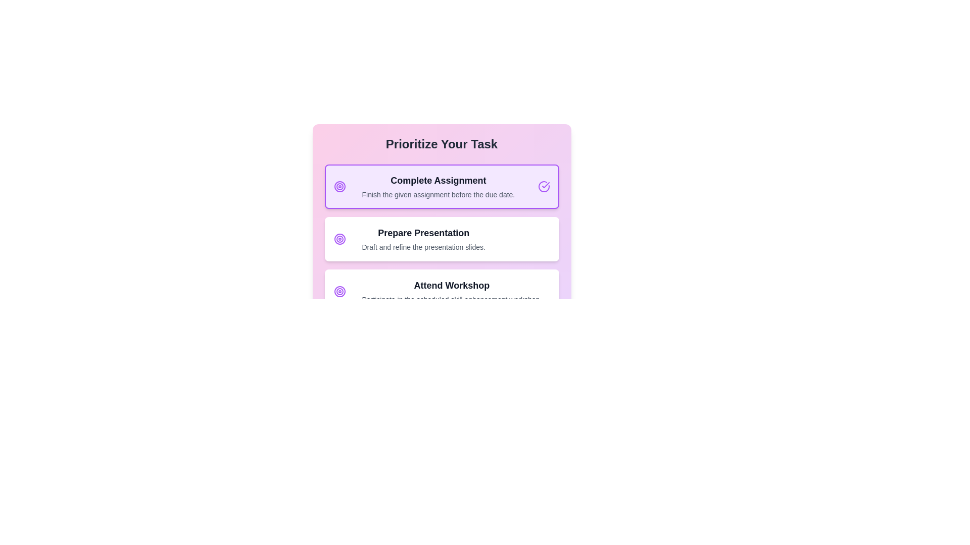 This screenshot has width=970, height=545. Describe the element at coordinates (451, 299) in the screenshot. I see `the Text Label that provides additional information about 'Attend Workshop', located directly below the heading within a card layout` at that location.